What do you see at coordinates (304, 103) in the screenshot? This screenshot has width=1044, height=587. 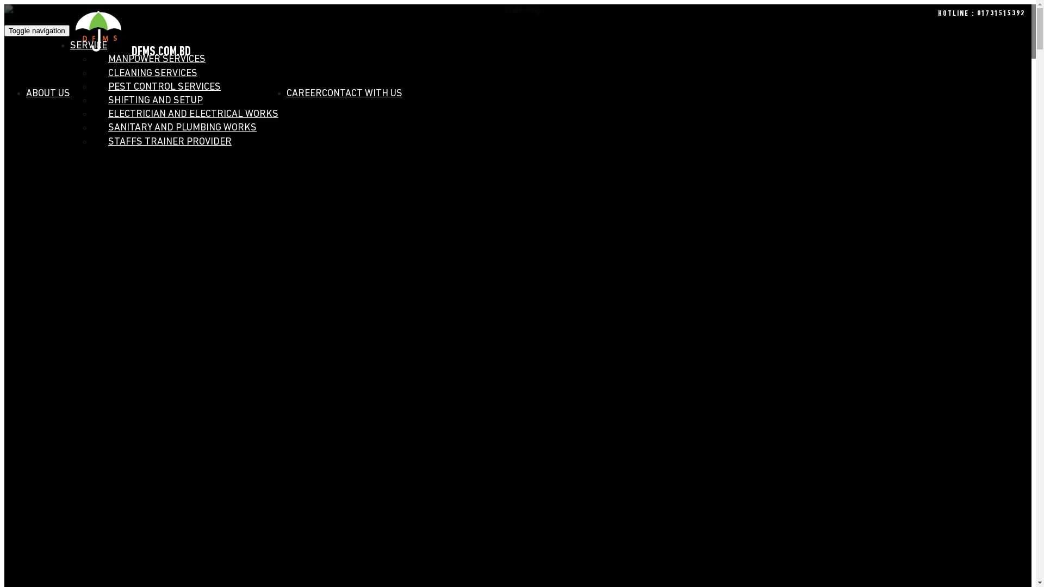 I see `'CAREER'` at bounding box center [304, 103].